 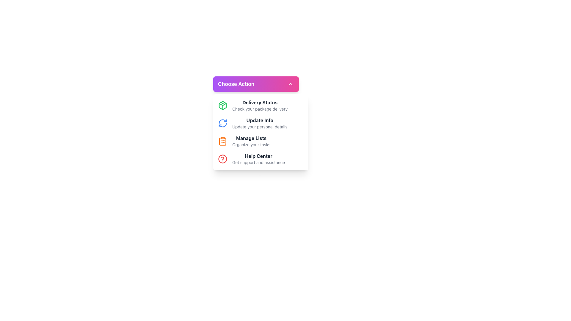 What do you see at coordinates (258, 163) in the screenshot?
I see `descriptive text label located below the 'Help Center' section in the dropdown interface` at bounding box center [258, 163].